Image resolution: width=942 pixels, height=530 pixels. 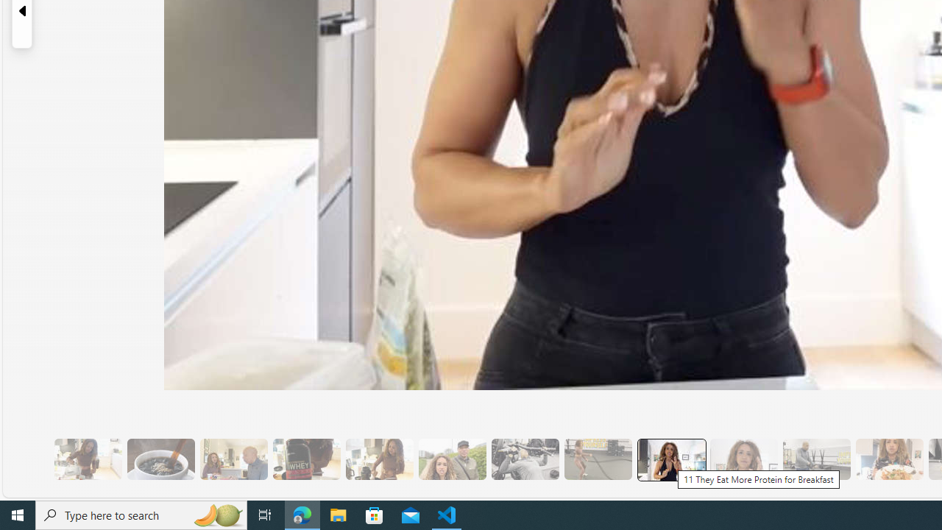 What do you see at coordinates (598, 459) in the screenshot?
I see `'10 Then, They Do HIIT Cardio'` at bounding box center [598, 459].